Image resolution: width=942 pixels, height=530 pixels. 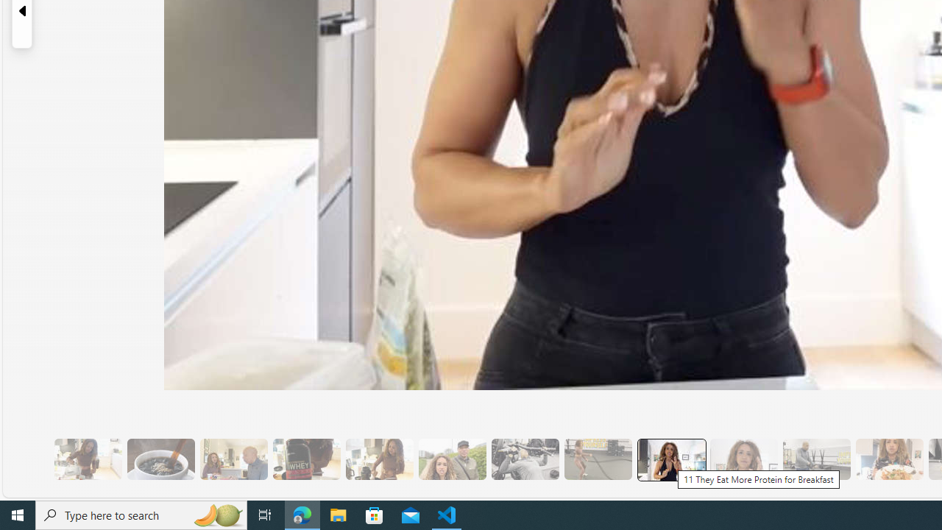 What do you see at coordinates (598, 459) in the screenshot?
I see `'10 Then, They Do HIIT Cardio'` at bounding box center [598, 459].